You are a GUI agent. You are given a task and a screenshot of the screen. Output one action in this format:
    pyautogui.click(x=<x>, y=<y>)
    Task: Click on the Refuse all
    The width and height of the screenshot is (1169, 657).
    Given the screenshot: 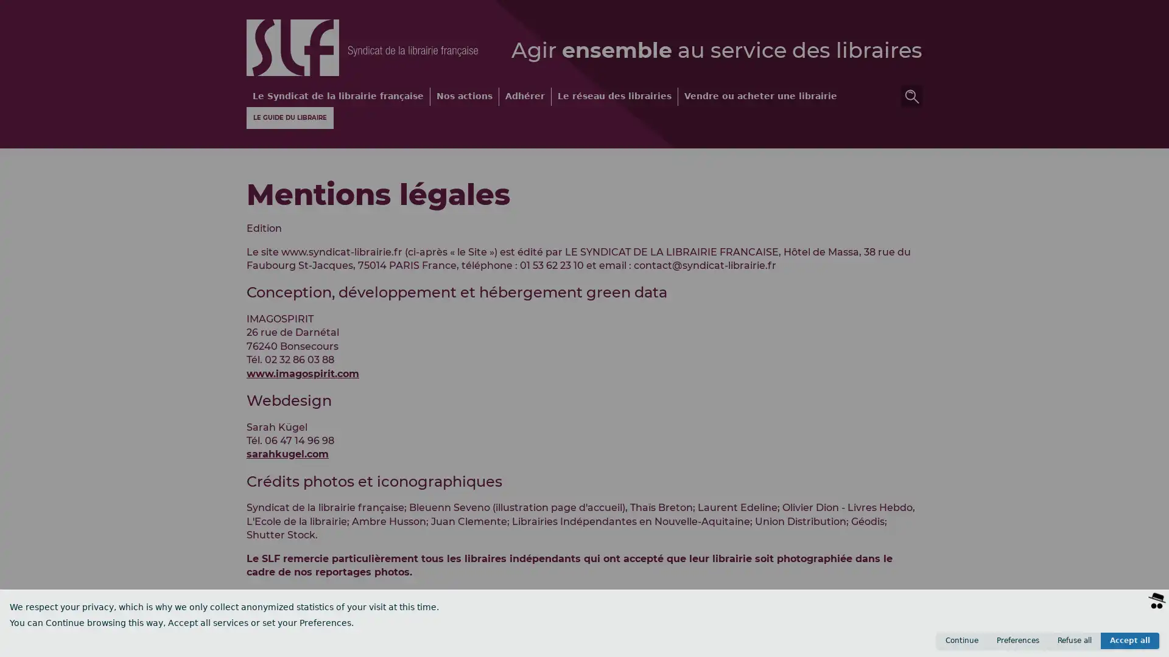 What is the action you would take?
    pyautogui.click(x=1075, y=640)
    